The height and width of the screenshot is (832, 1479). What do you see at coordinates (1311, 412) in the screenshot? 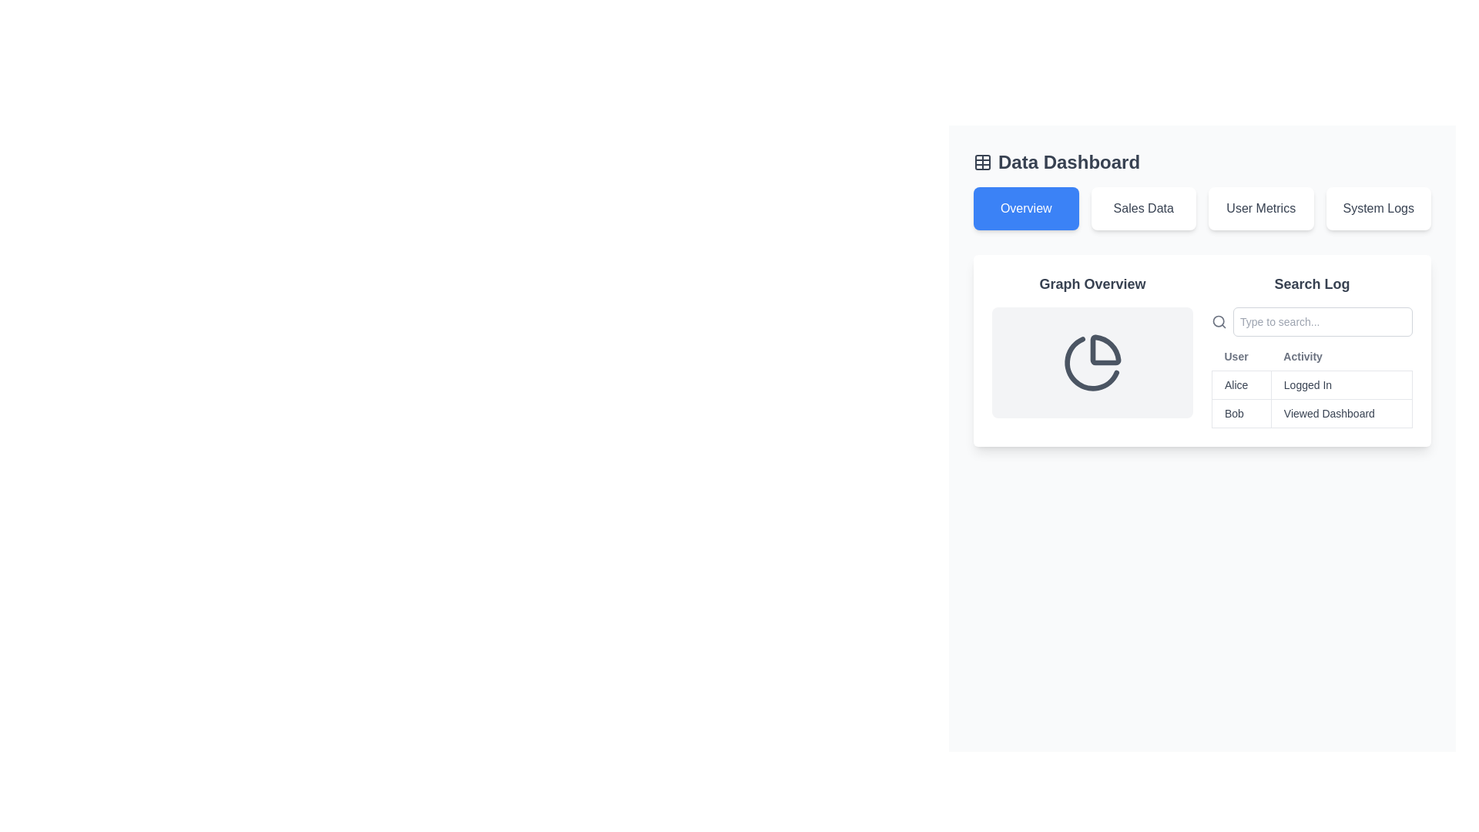
I see `the text 'Viewed Dashboard' in the second row of the search log table under 'Search Log' to initiate possible action` at bounding box center [1311, 412].